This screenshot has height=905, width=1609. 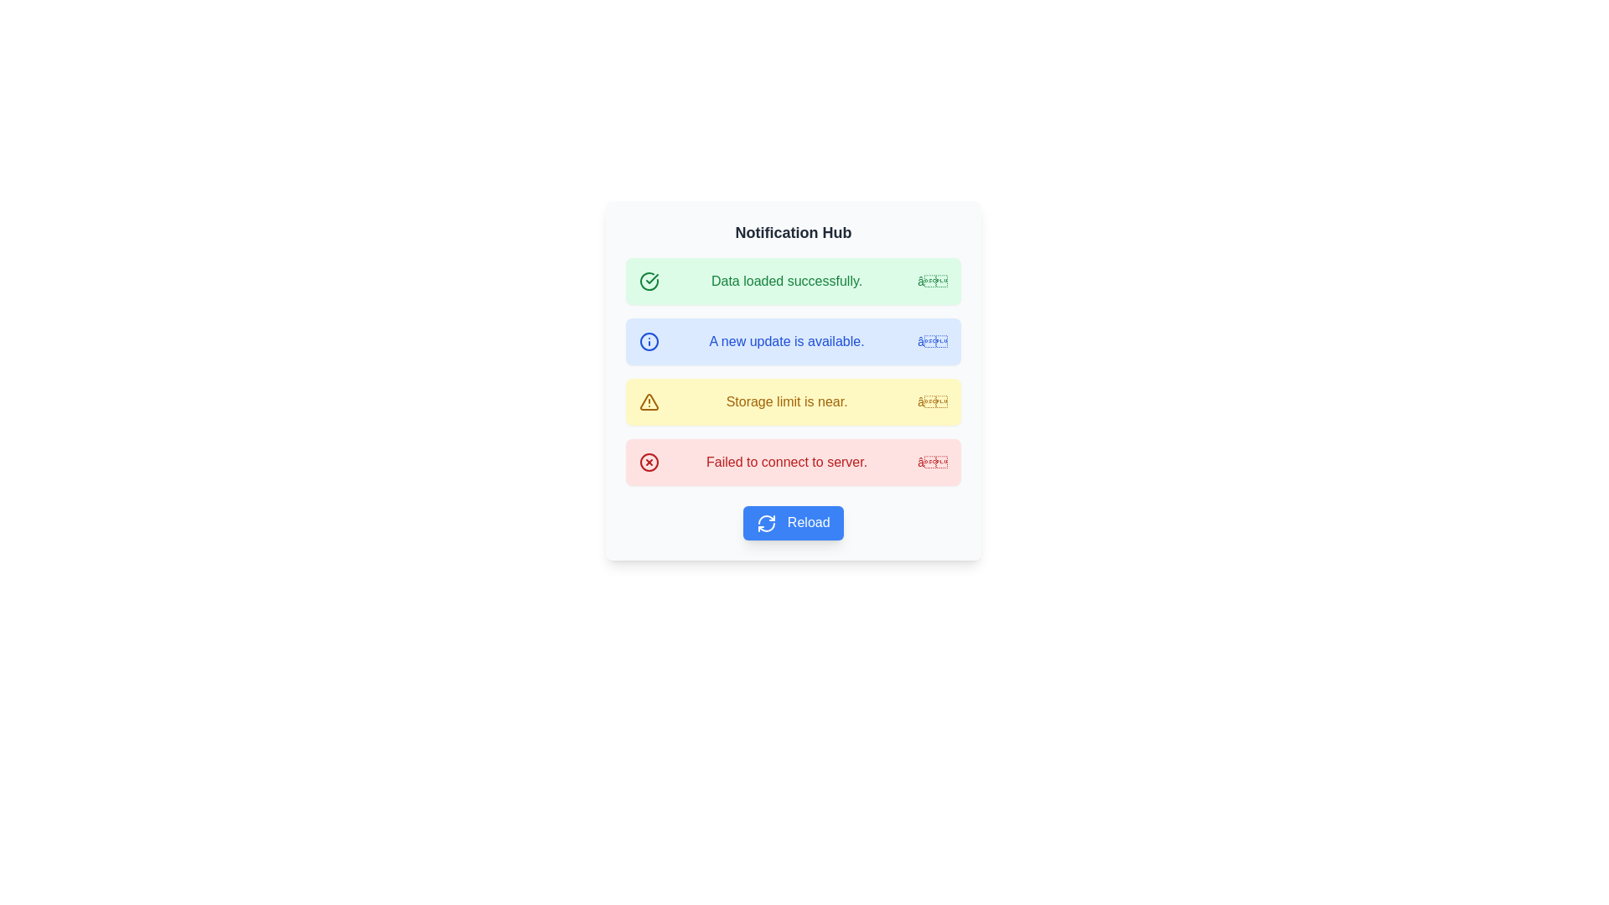 I want to click on the triangular alert icon with a yellow and brown color scheme, located to the left of the text 'Storage limit is near.' in the second notification entry, so click(x=648, y=401).